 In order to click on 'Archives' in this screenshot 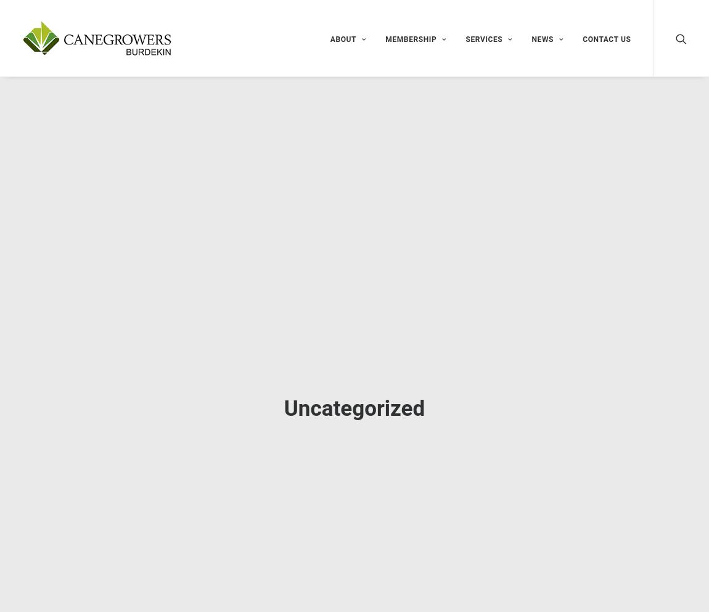, I will do `click(506, 481)`.